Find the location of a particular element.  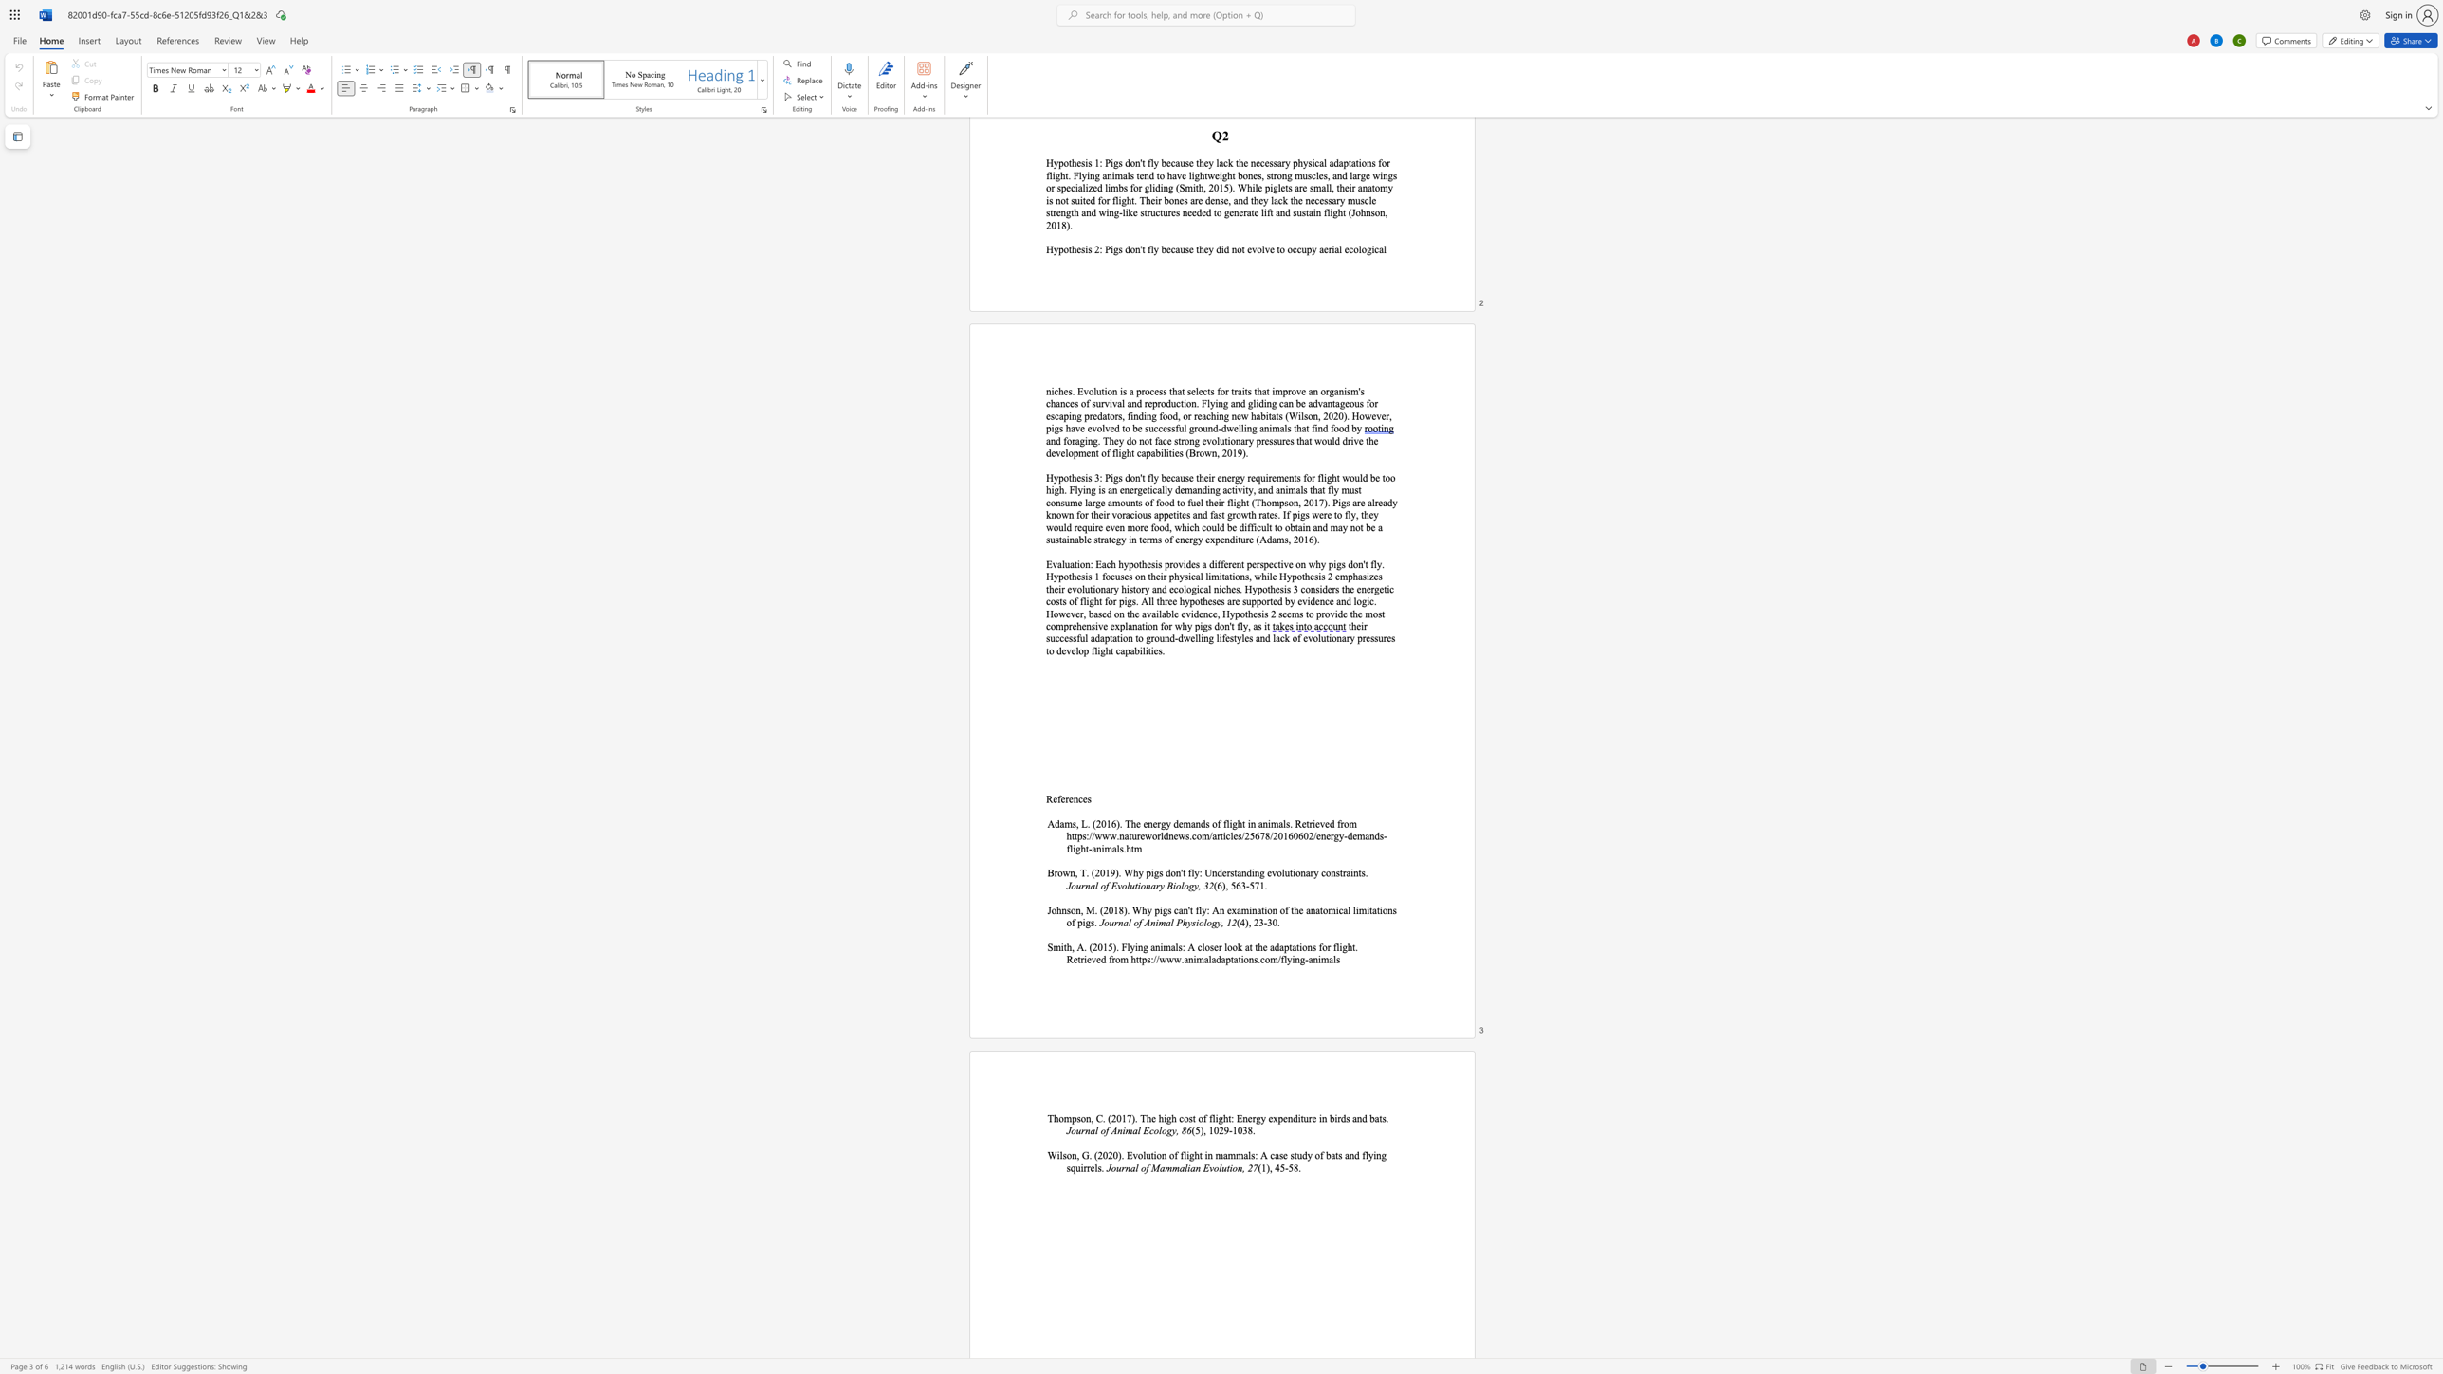

the space between the continuous character "h" and "e" in the text is located at coordinates (1151, 1117).